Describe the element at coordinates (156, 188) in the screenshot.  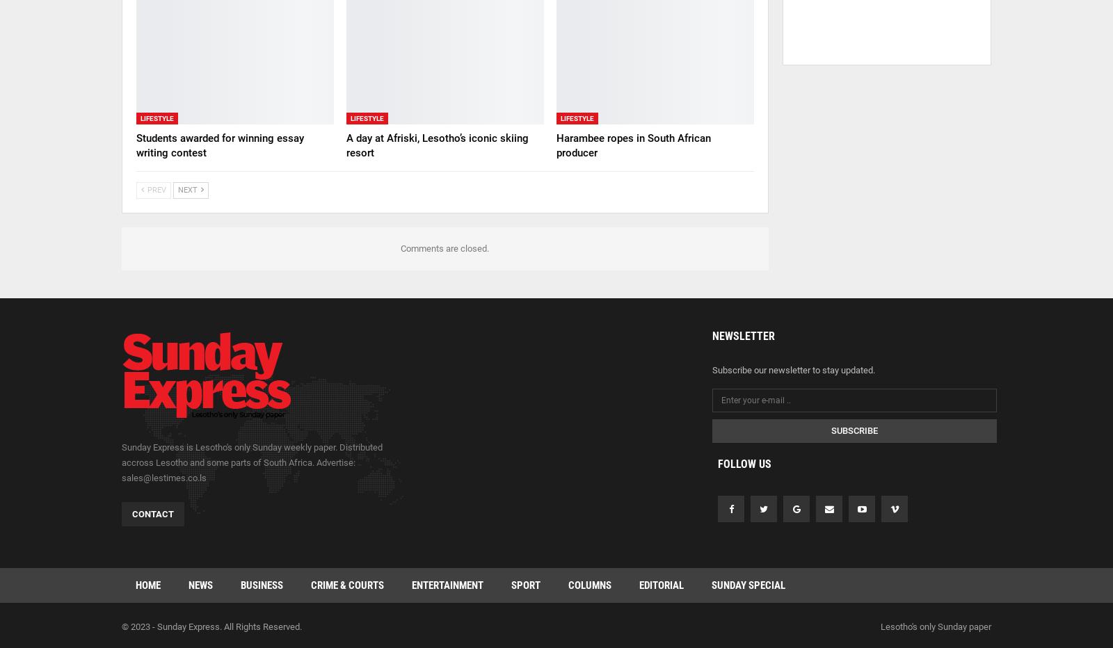
I see `'Prev'` at that location.